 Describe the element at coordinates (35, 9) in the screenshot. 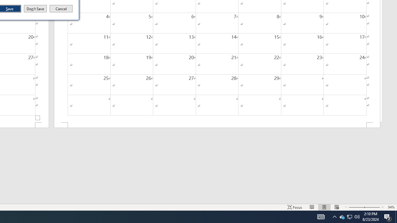

I see `'Don'` at that location.